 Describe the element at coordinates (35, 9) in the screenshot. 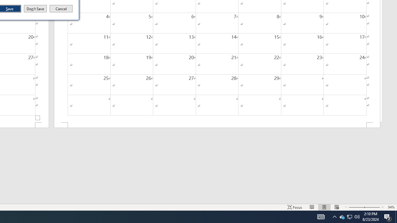

I see `'Don'` at that location.